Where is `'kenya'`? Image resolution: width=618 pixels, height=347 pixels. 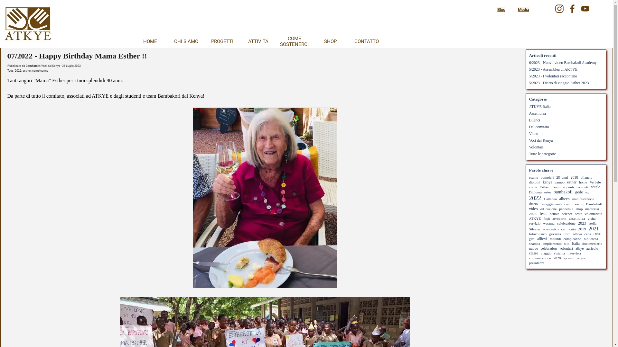 'kenya' is located at coordinates (547, 182).